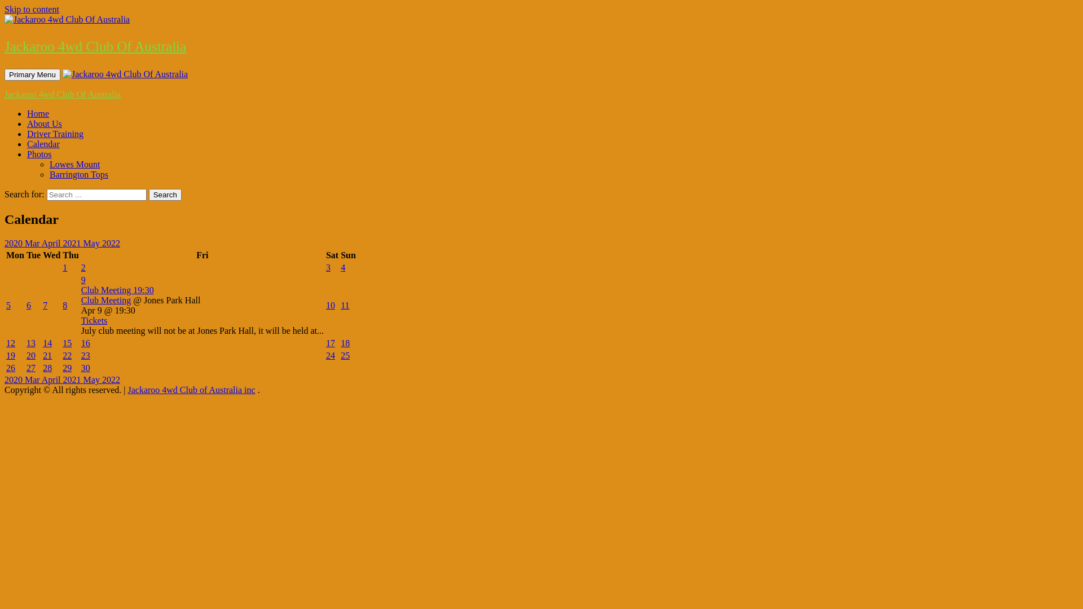 Image resolution: width=1083 pixels, height=609 pixels. Describe the element at coordinates (344, 355) in the screenshot. I see `'25'` at that location.